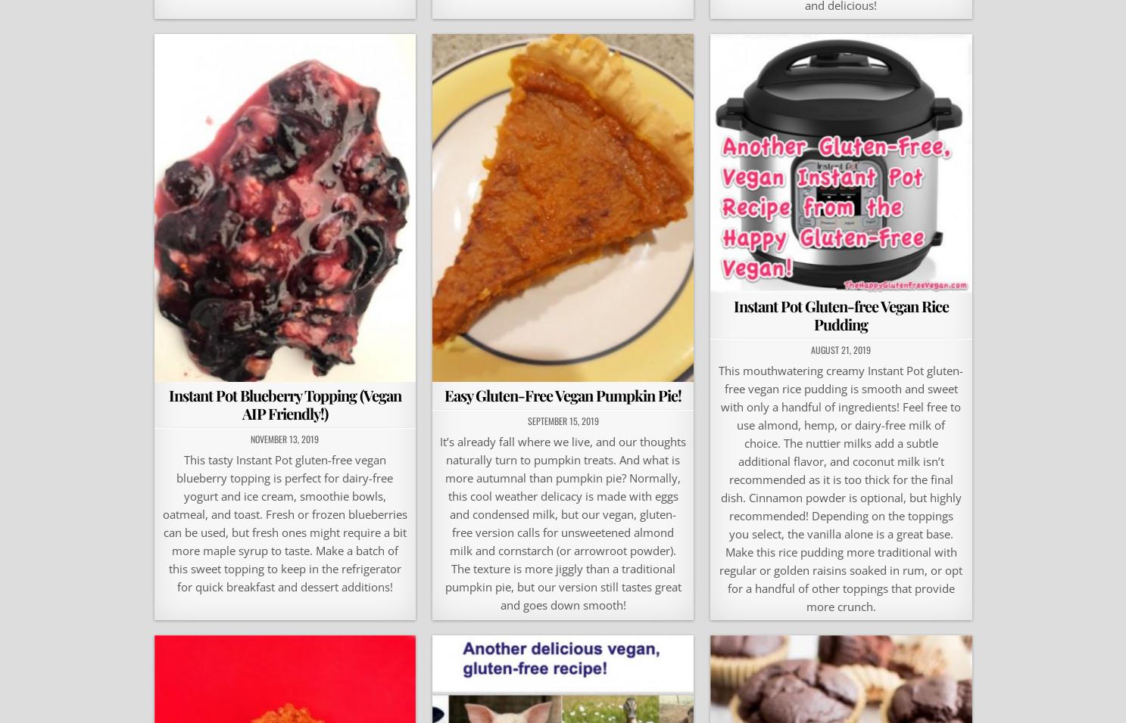  Describe the element at coordinates (562, 420) in the screenshot. I see `'September 15, 2019'` at that location.